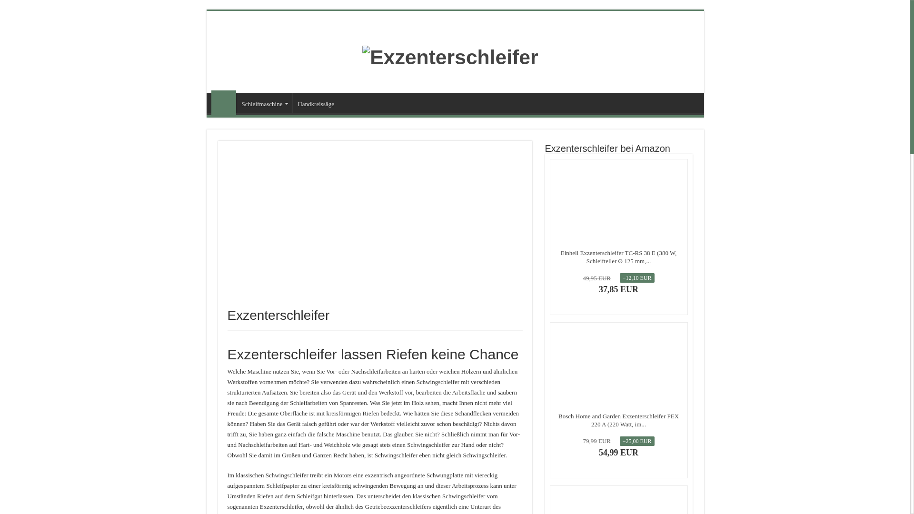  I want to click on 'Amazon Prime', so click(618, 462).